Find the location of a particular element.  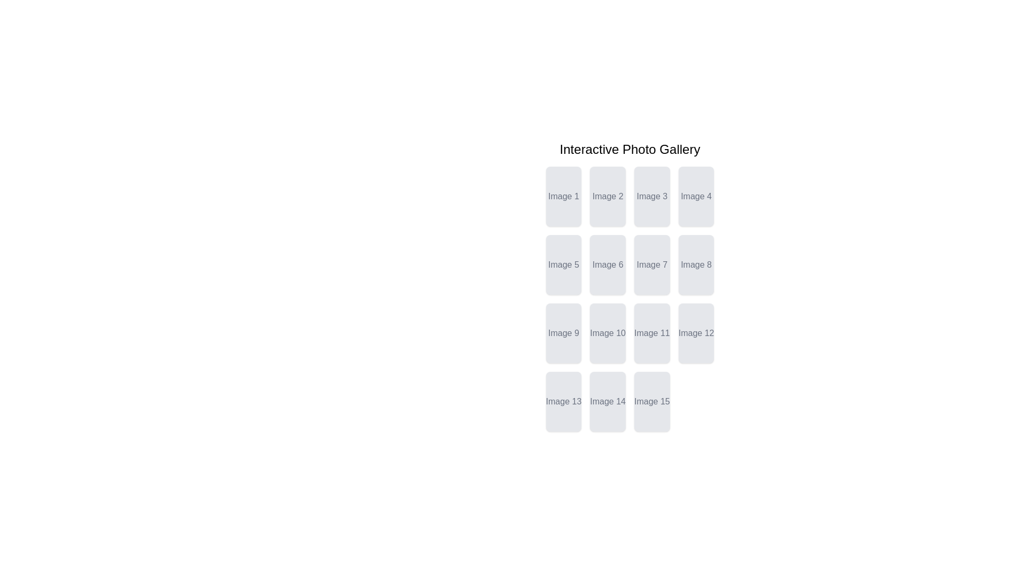

the rectangular 'Comment' button with a blue background and rounded corners is located at coordinates (651, 420).